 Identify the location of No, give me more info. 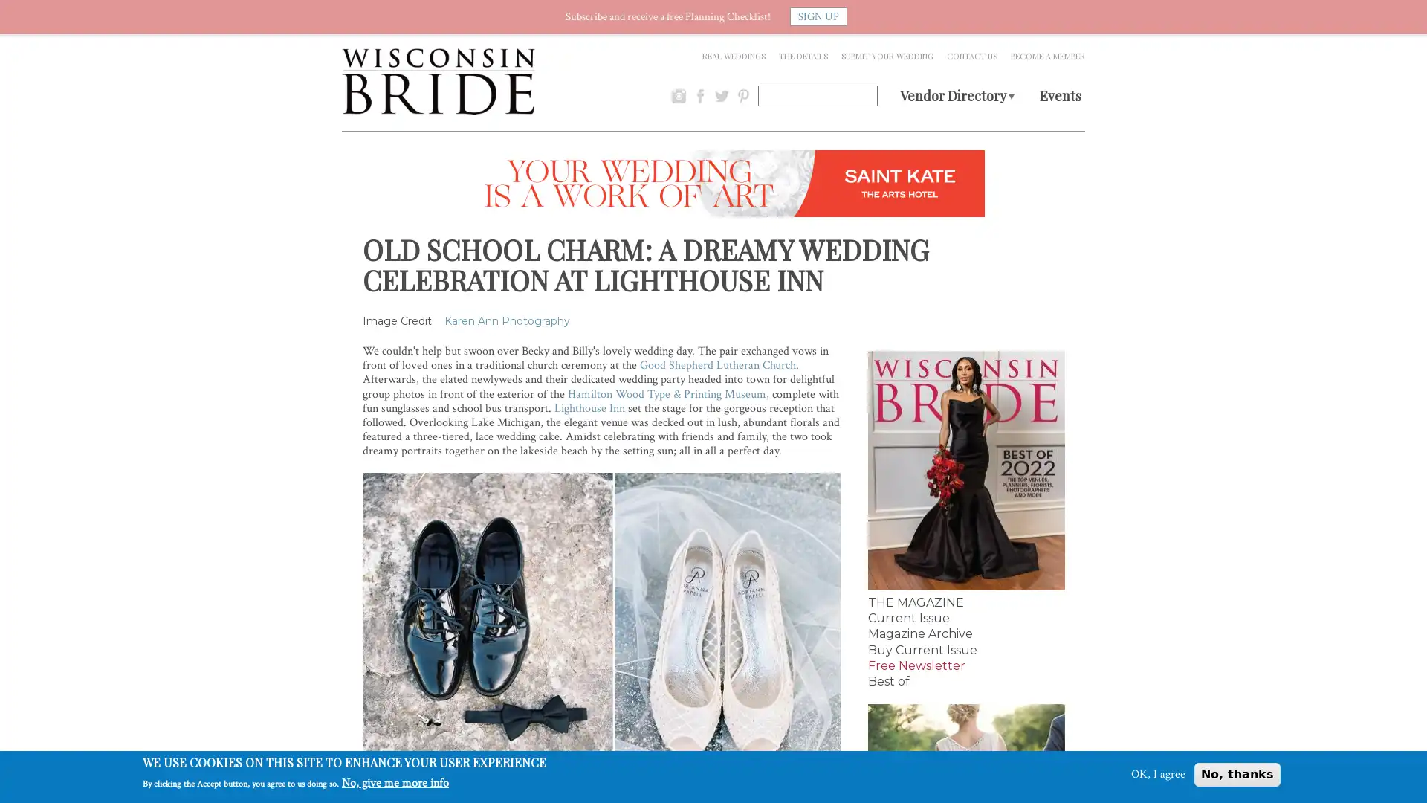
(395, 782).